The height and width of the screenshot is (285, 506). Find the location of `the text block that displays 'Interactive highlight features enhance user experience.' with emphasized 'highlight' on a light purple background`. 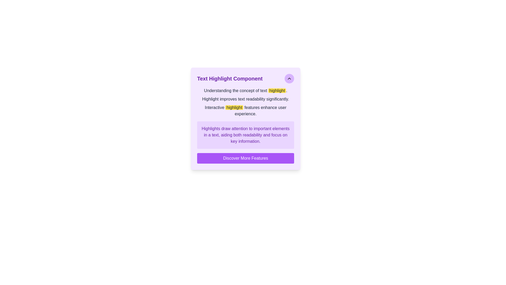

the text block that displays 'Interactive highlight features enhance user experience.' with emphasized 'highlight' on a light purple background is located at coordinates (245, 111).